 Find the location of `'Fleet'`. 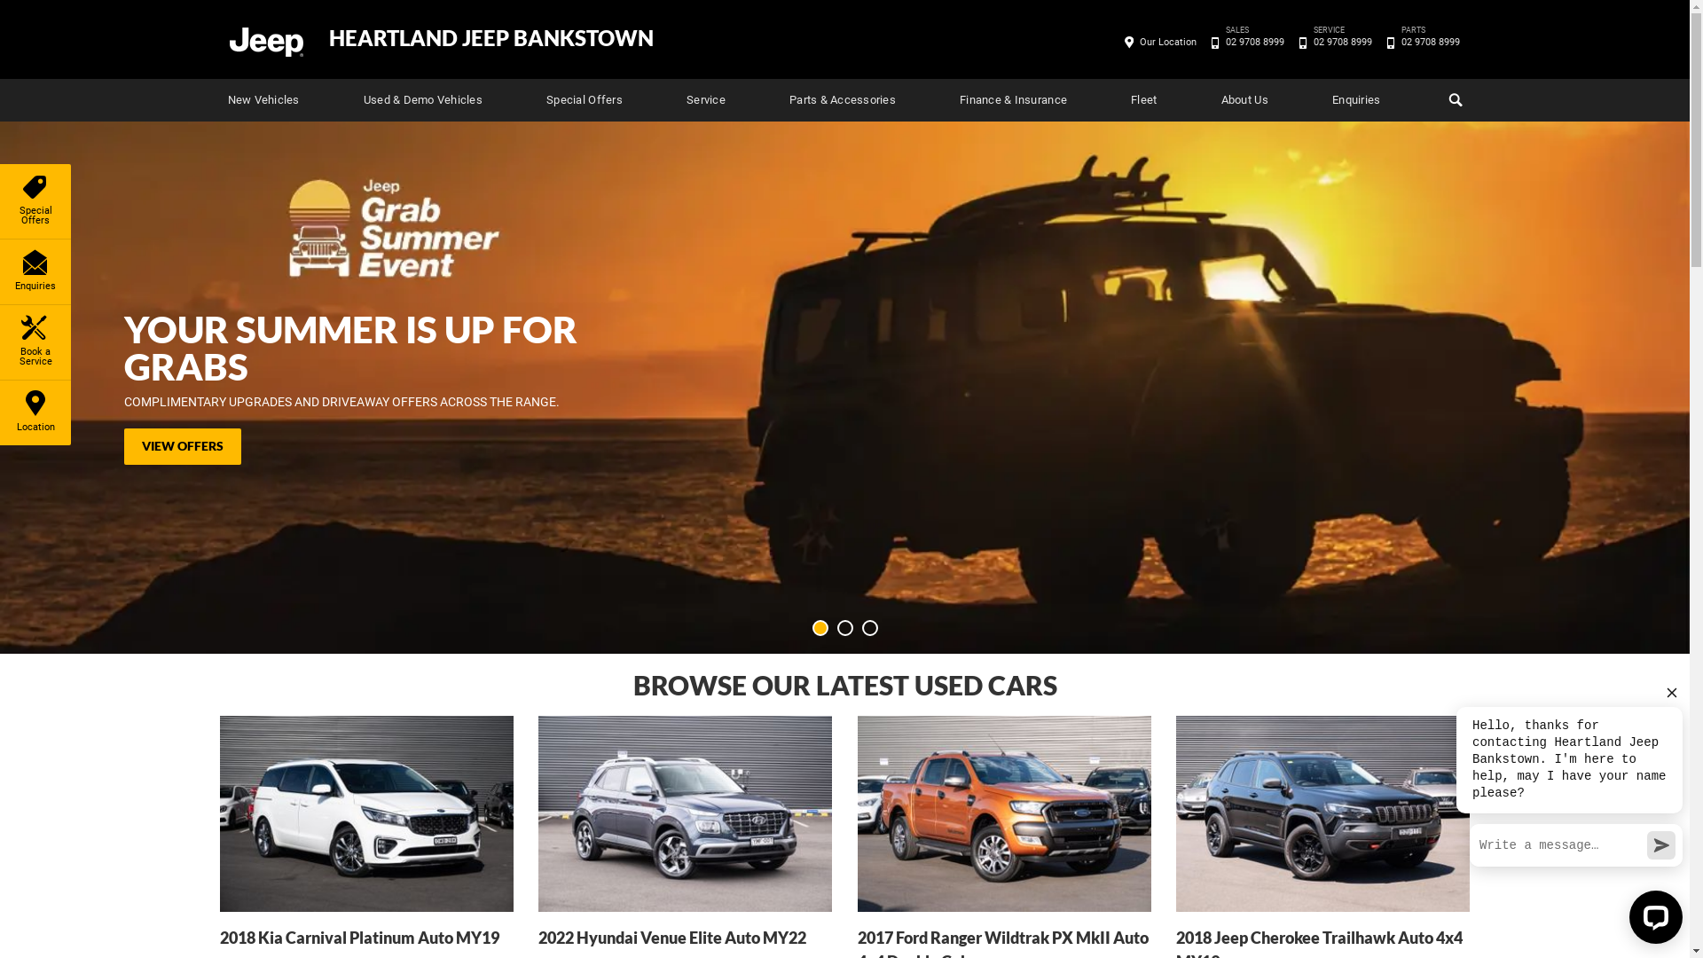

'Fleet' is located at coordinates (1143, 99).